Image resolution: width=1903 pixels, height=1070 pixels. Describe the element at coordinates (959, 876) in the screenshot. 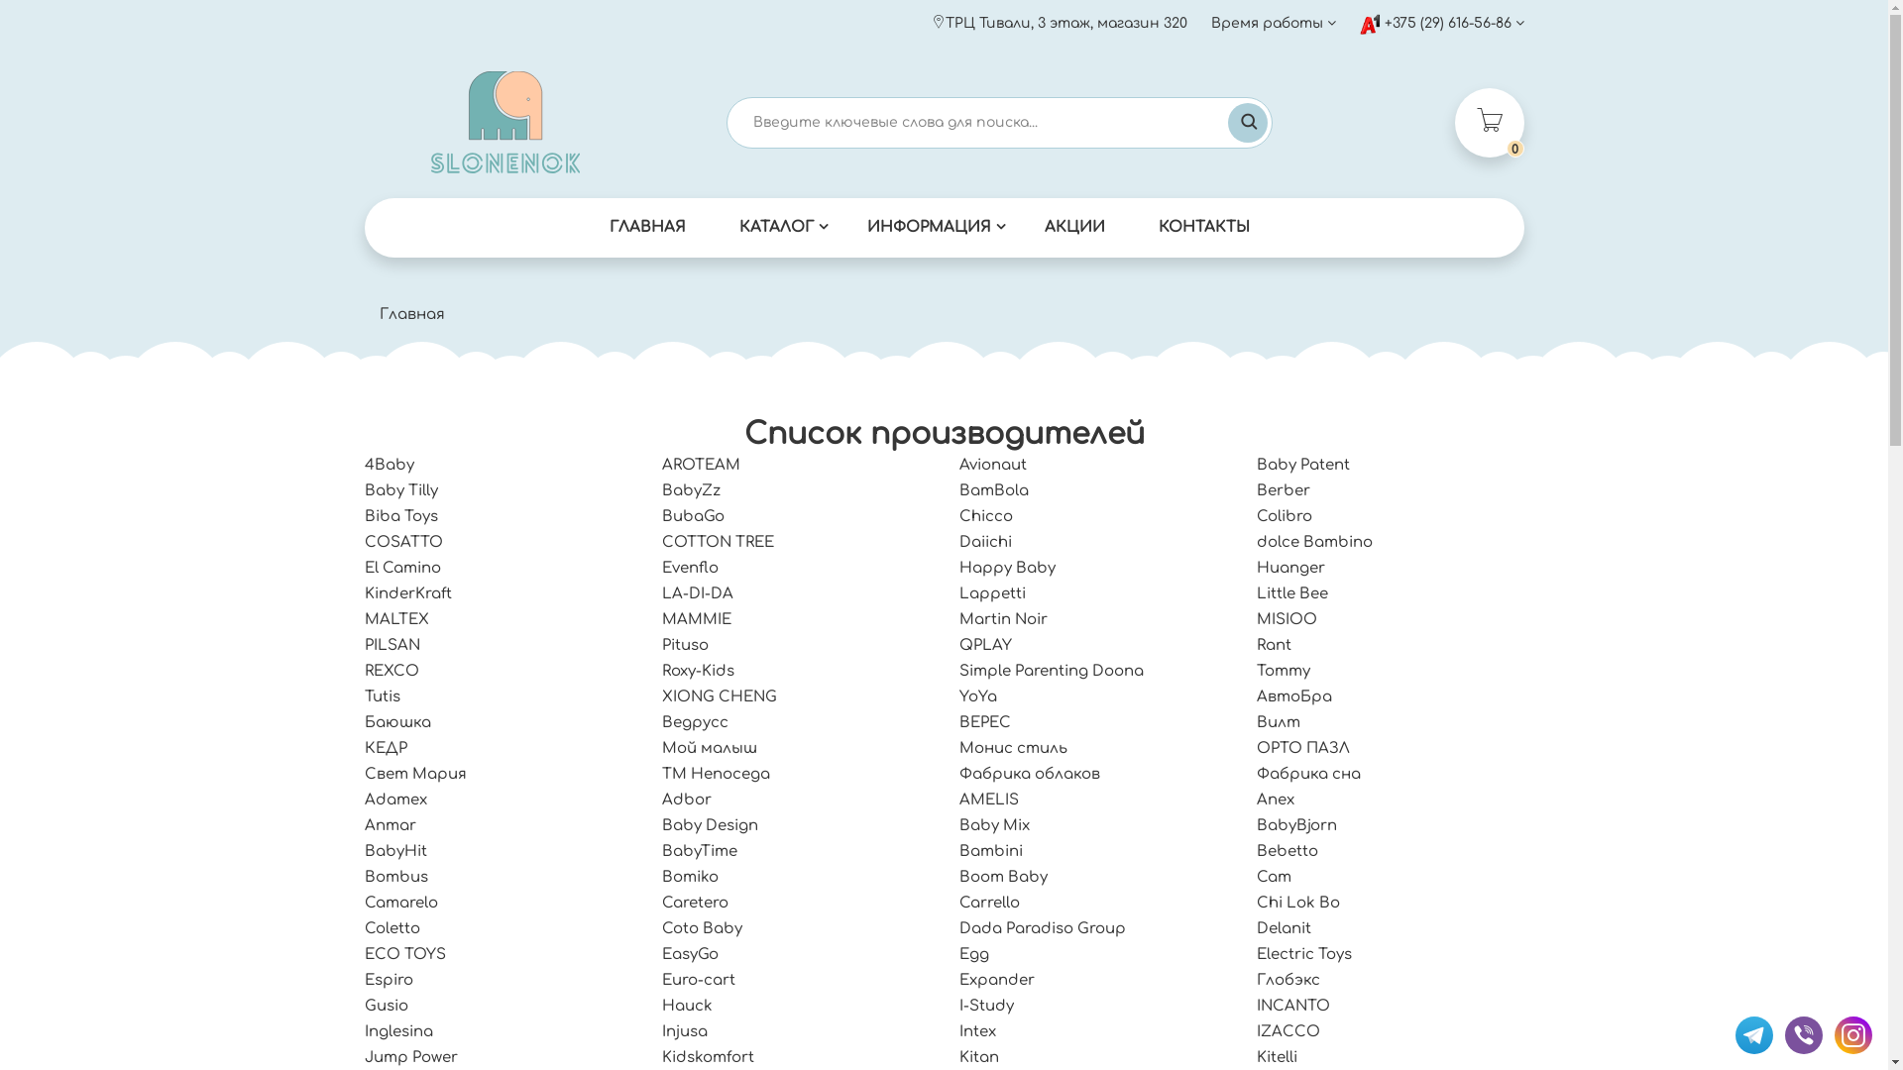

I see `'Boom Baby'` at that location.